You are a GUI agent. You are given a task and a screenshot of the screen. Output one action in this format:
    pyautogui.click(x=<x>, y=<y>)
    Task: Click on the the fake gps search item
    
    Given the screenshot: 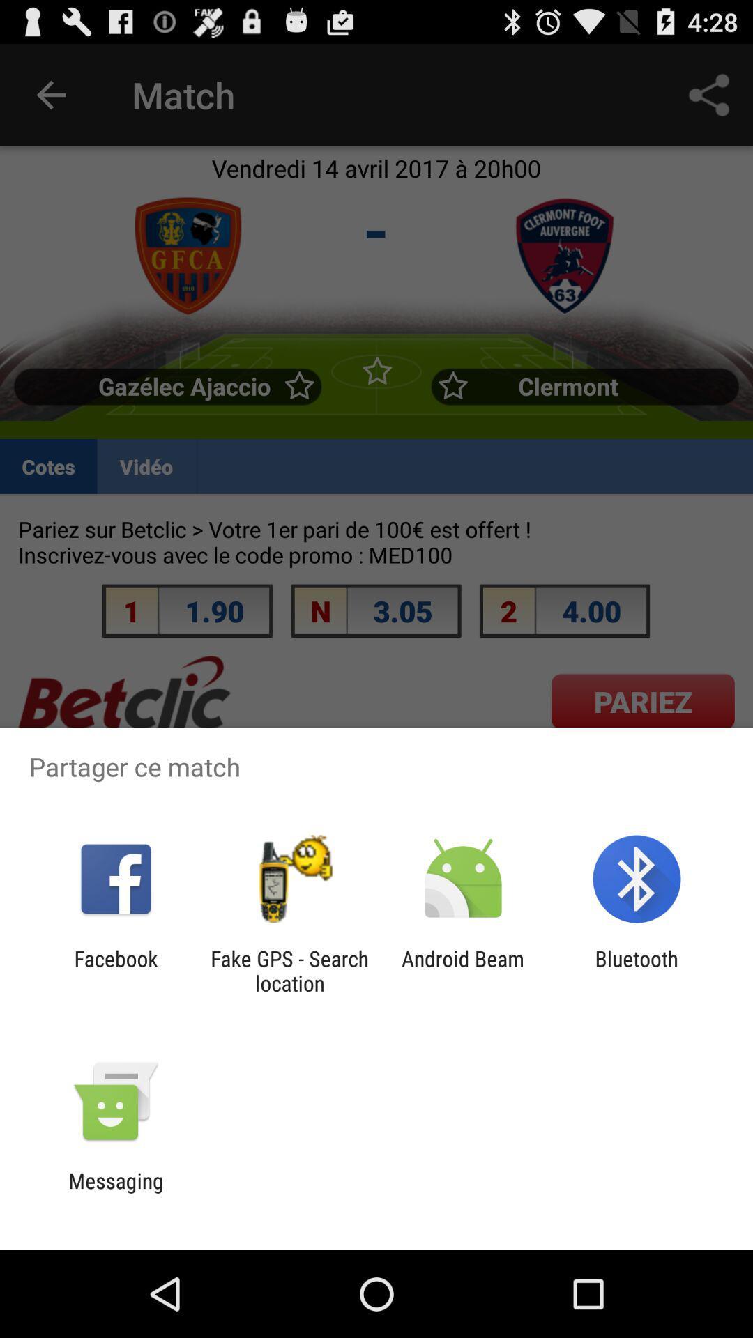 What is the action you would take?
    pyautogui.click(x=289, y=970)
    